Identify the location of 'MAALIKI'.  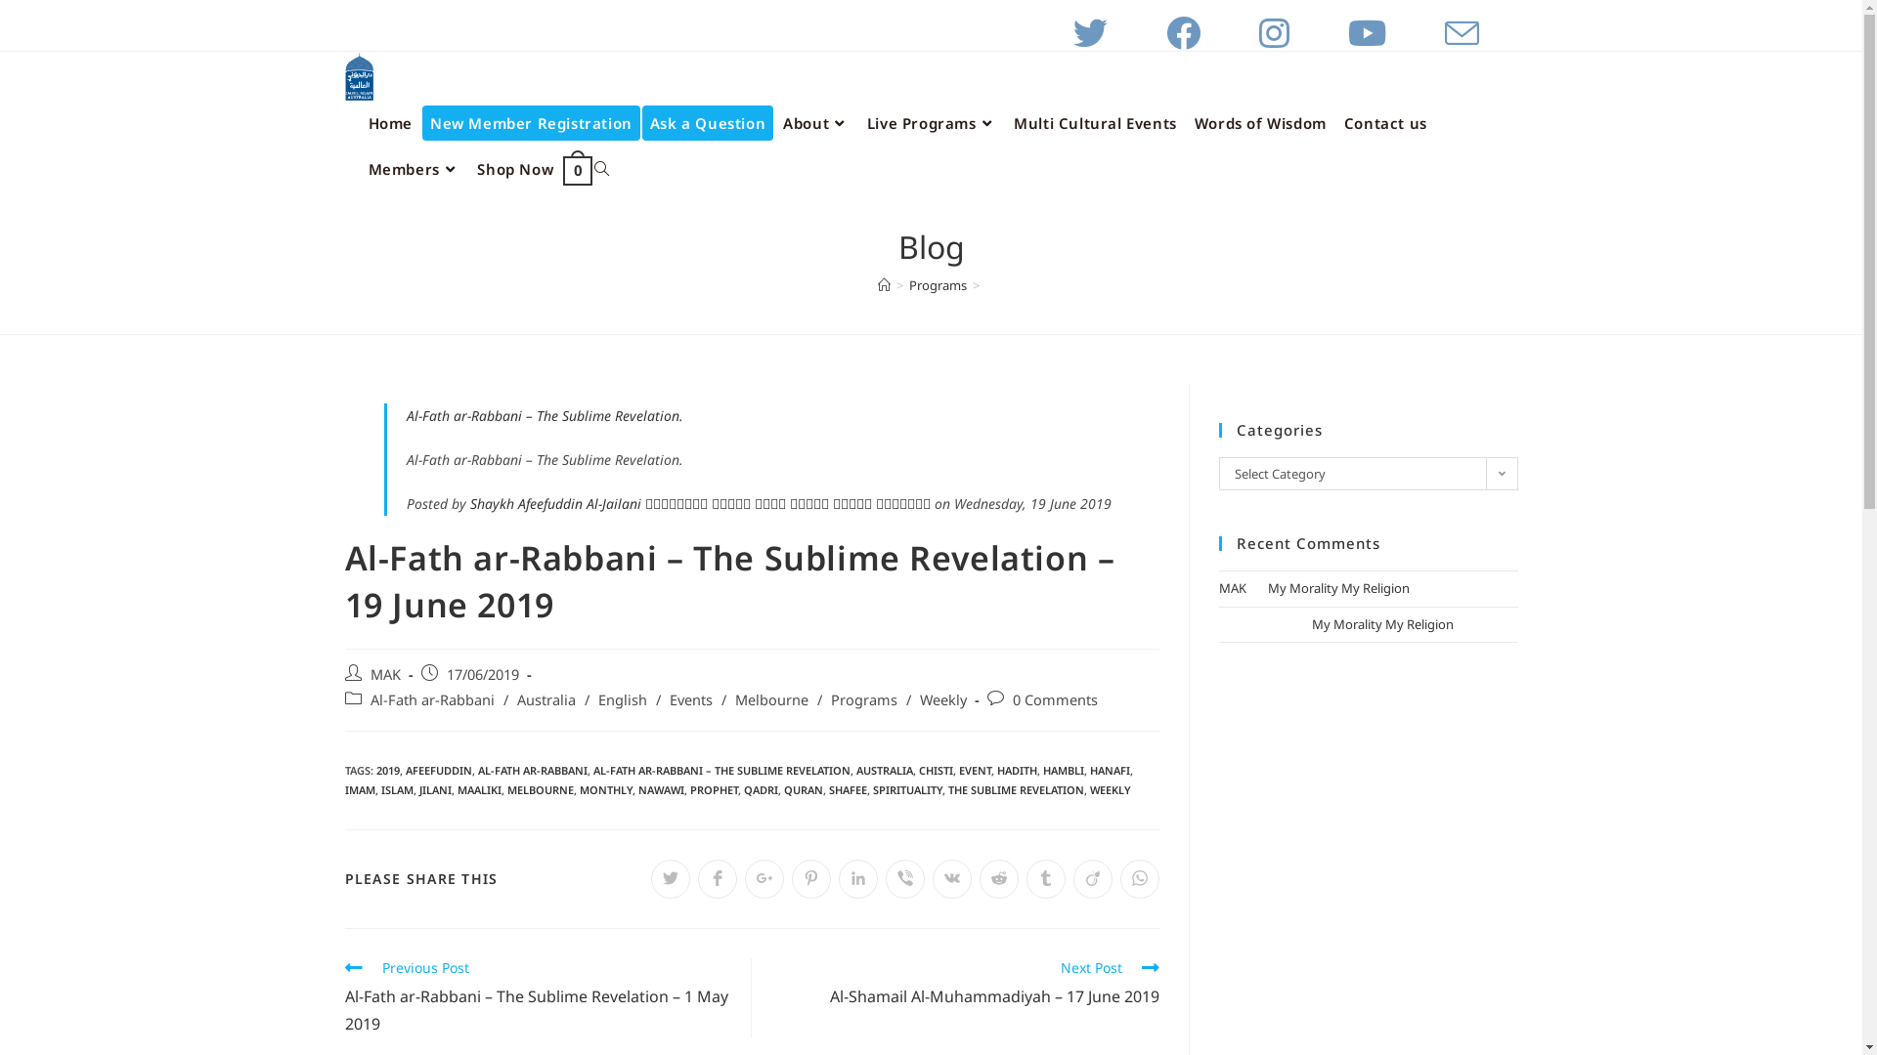
(479, 788).